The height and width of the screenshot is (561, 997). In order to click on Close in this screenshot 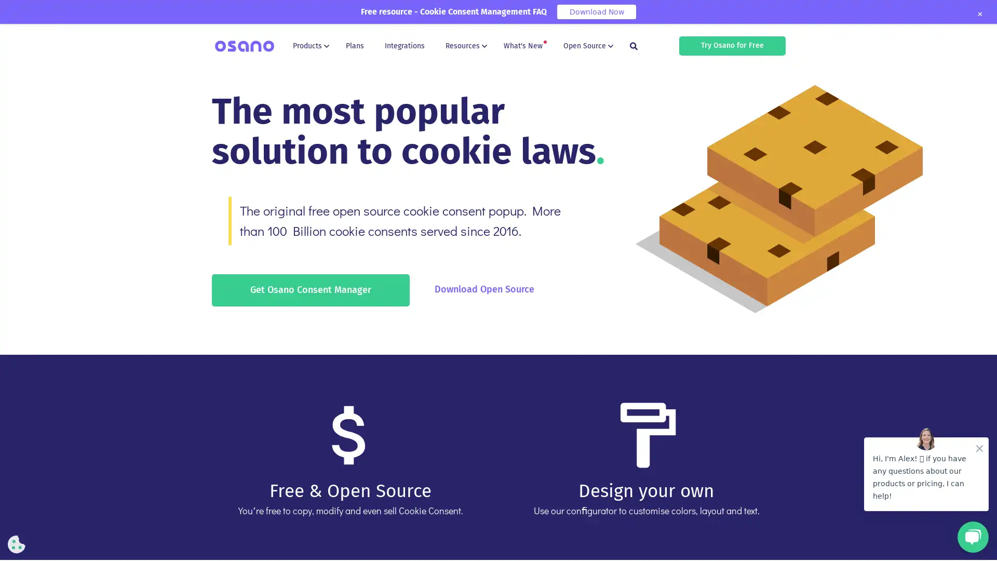, I will do `click(979, 14)`.